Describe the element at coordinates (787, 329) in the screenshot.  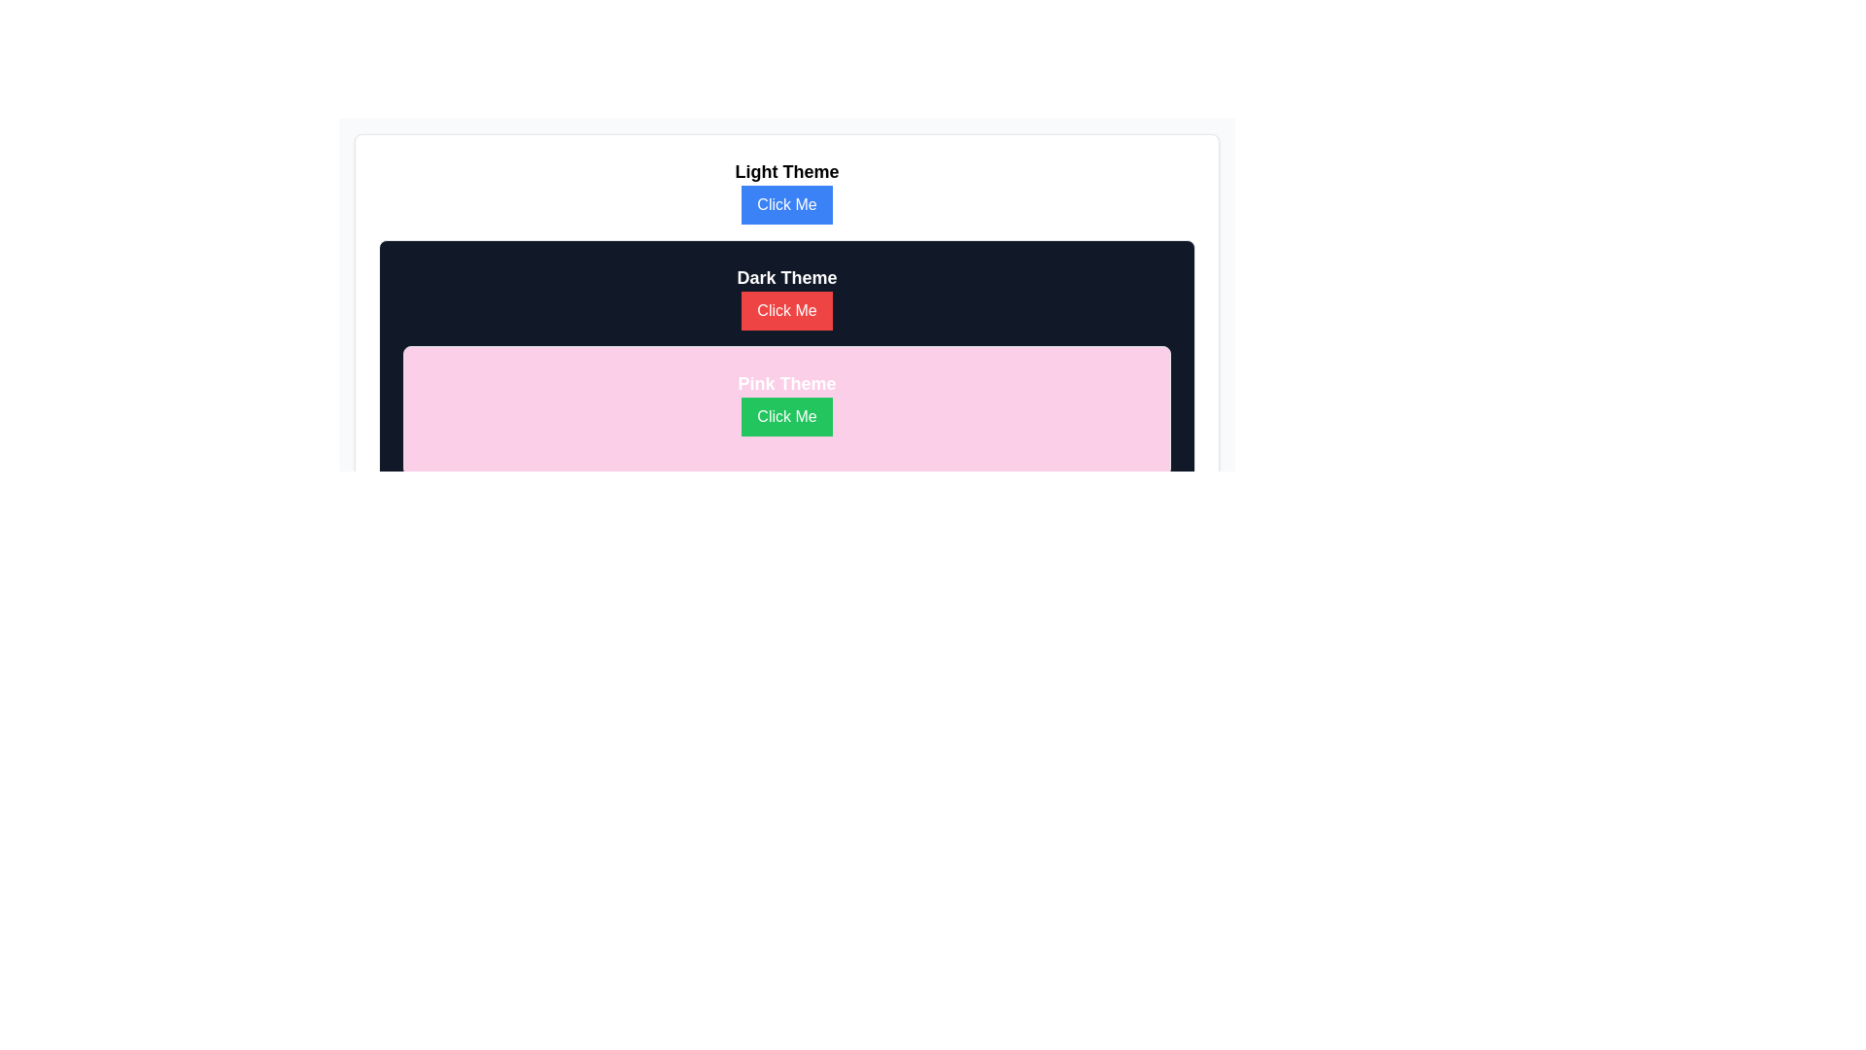
I see `the rectangular button with a red background and white text reading 'Click Me'` at that location.